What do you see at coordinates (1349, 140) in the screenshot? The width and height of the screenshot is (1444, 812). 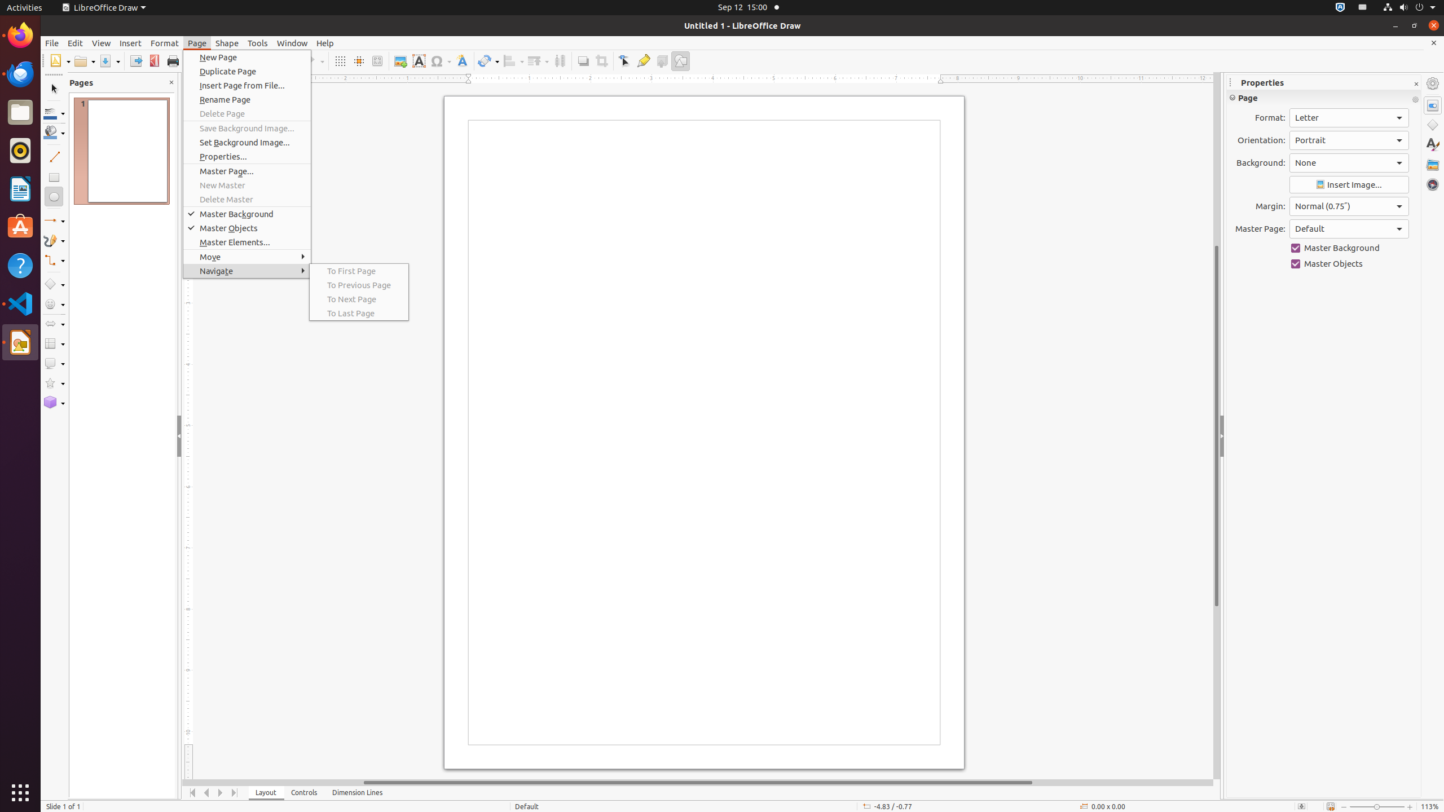 I see `'Orientation:'` at bounding box center [1349, 140].